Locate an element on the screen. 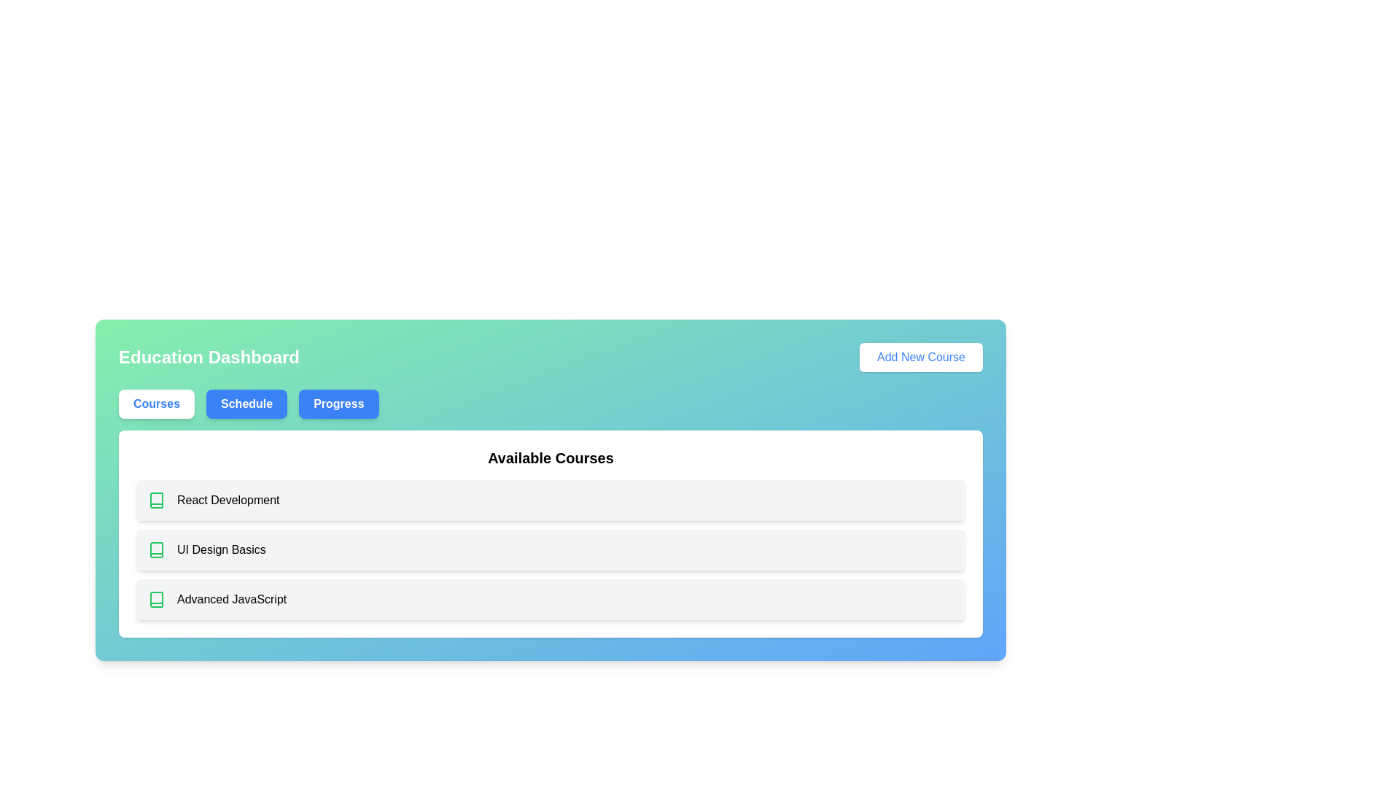 The width and height of the screenshot is (1400, 788). the 'Add New Course' button located in the top-right corner of the educational dashboard to initiate the course addition process is located at coordinates (920, 357).